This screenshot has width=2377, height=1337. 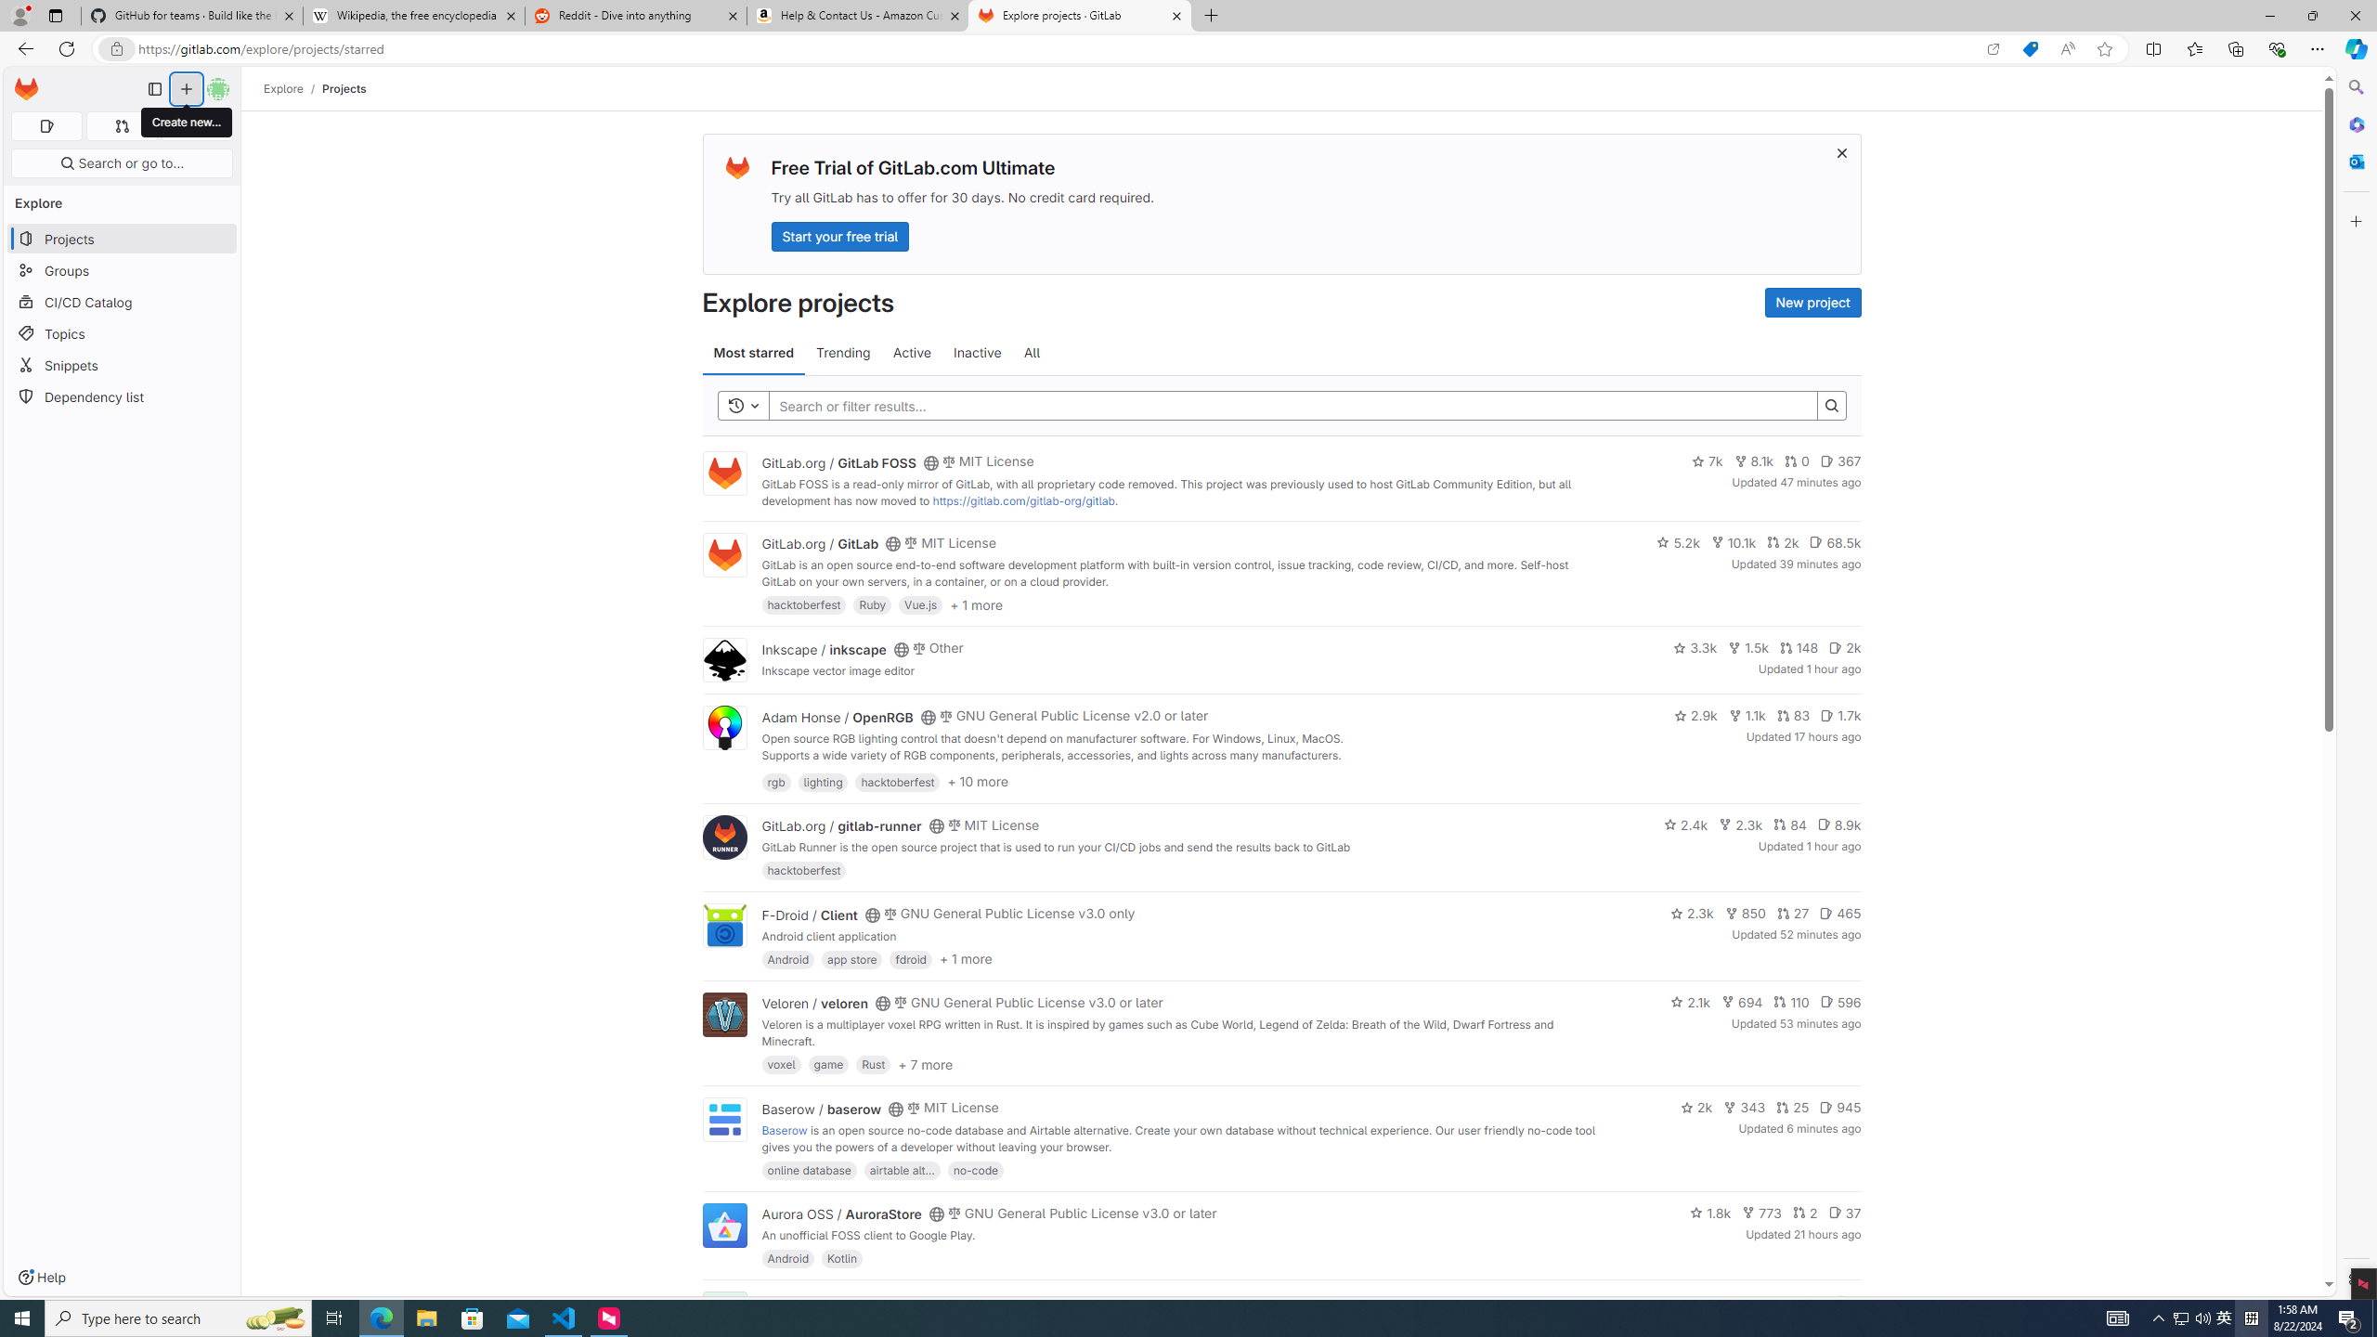 What do you see at coordinates (1842, 152) in the screenshot?
I see `'Dismiss trial promotion'` at bounding box center [1842, 152].